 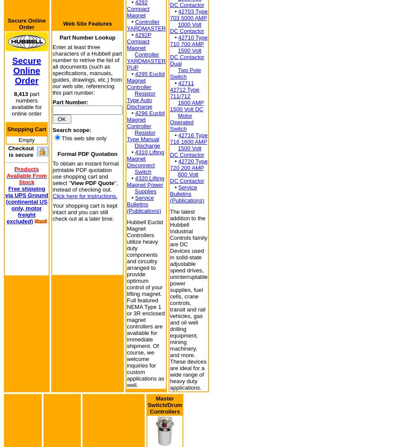 What do you see at coordinates (147, 145) in the screenshot?
I see `'Discharge'` at bounding box center [147, 145].